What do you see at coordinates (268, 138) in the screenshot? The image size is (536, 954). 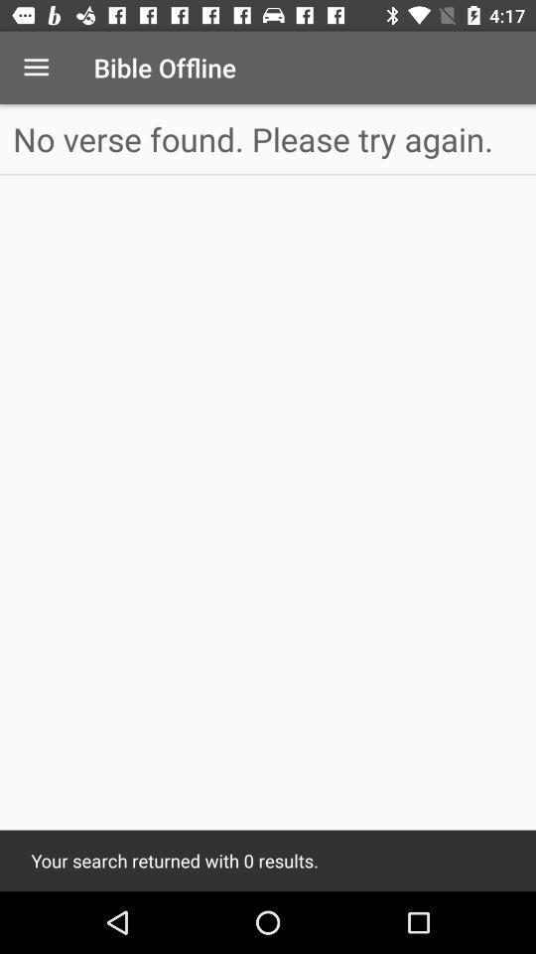 I see `item above the your search returned icon` at bounding box center [268, 138].